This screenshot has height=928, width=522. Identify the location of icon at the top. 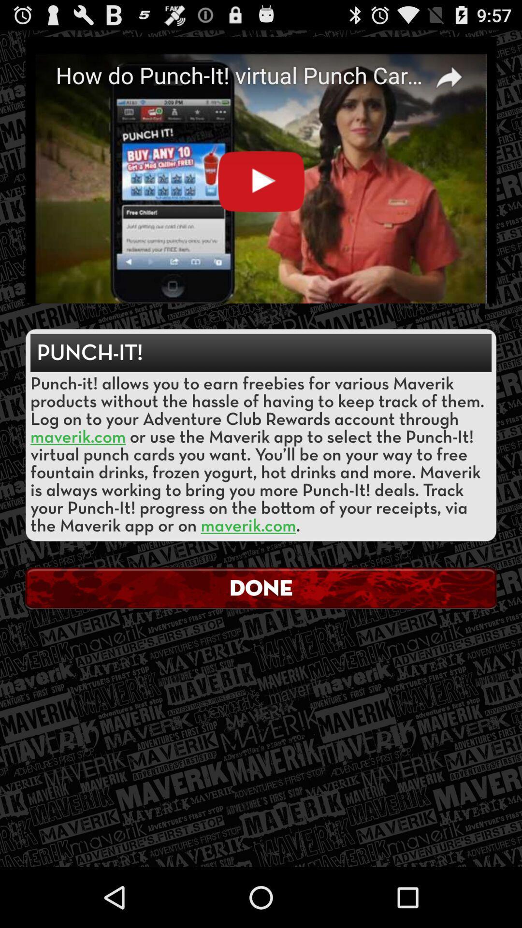
(261, 170).